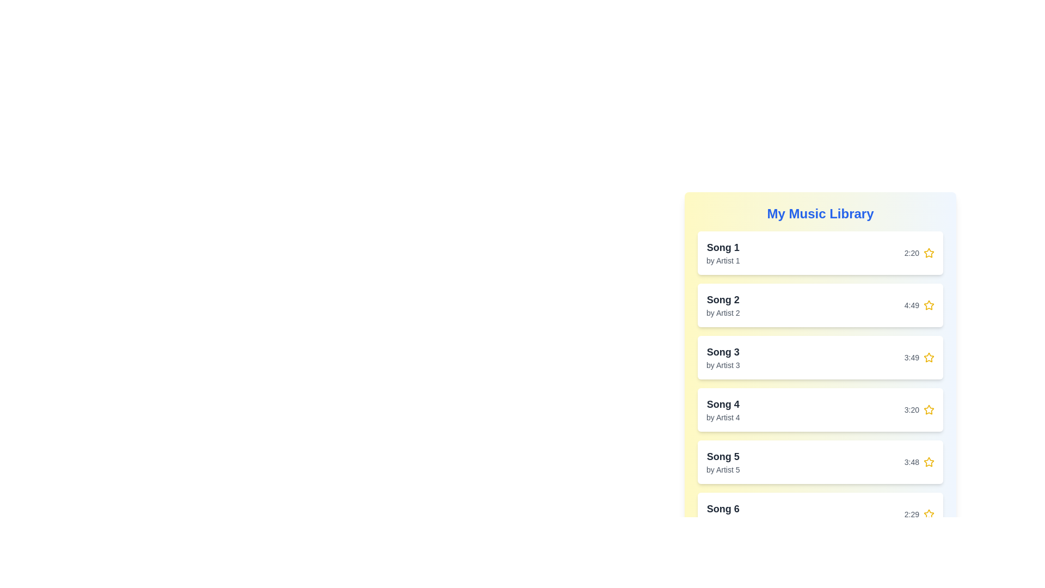  What do you see at coordinates (912, 409) in the screenshot?
I see `the time indicator text label for 'Song 4' in the music library, positioned to the right of the star icon` at bounding box center [912, 409].